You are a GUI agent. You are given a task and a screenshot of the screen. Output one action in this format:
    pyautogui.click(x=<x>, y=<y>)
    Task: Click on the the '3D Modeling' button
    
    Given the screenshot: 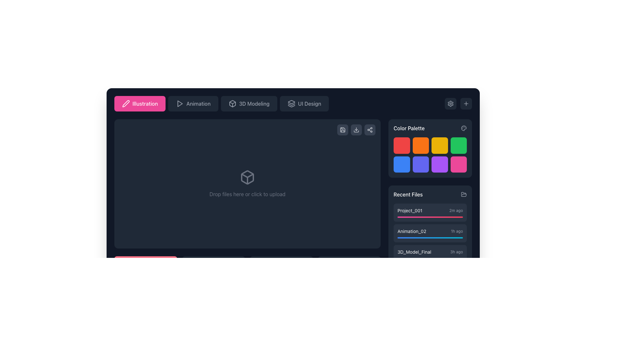 What is the action you would take?
    pyautogui.click(x=248, y=103)
    